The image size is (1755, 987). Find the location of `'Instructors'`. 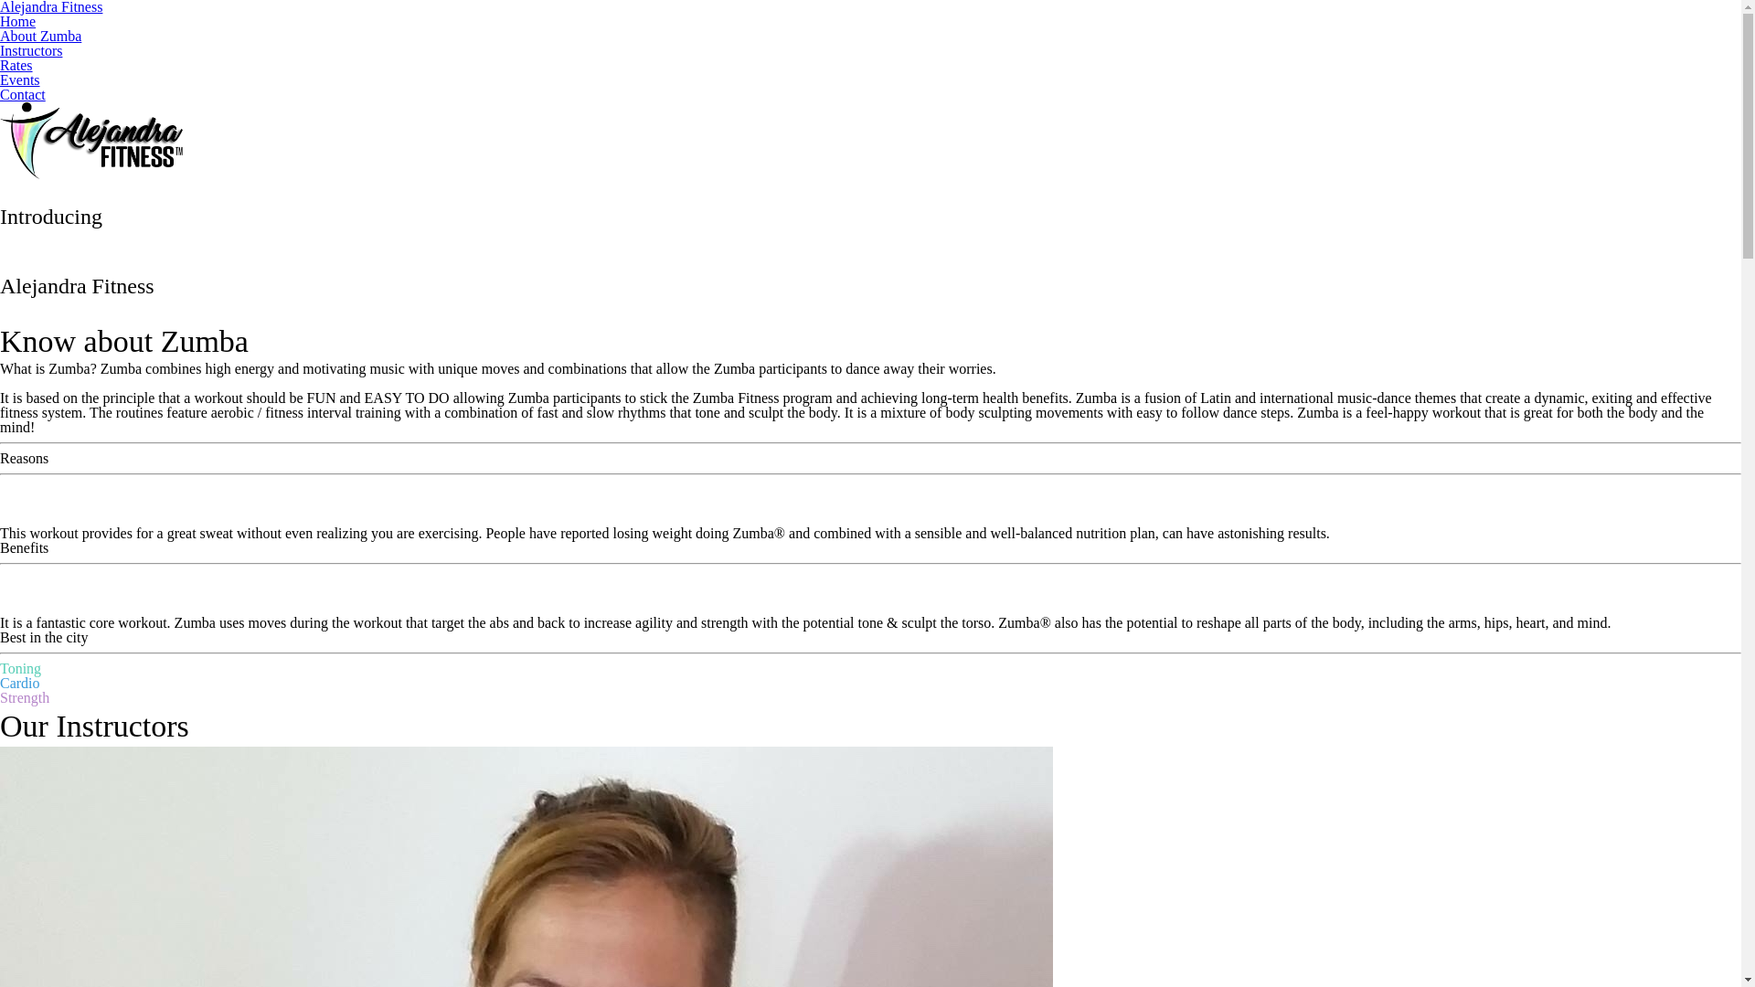

'Instructors' is located at coordinates (30, 49).